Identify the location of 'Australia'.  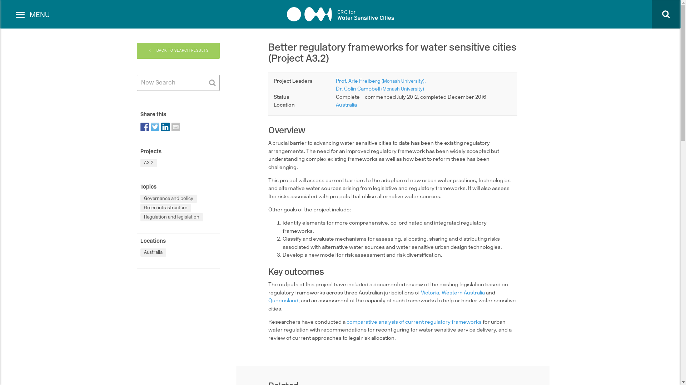
(152, 252).